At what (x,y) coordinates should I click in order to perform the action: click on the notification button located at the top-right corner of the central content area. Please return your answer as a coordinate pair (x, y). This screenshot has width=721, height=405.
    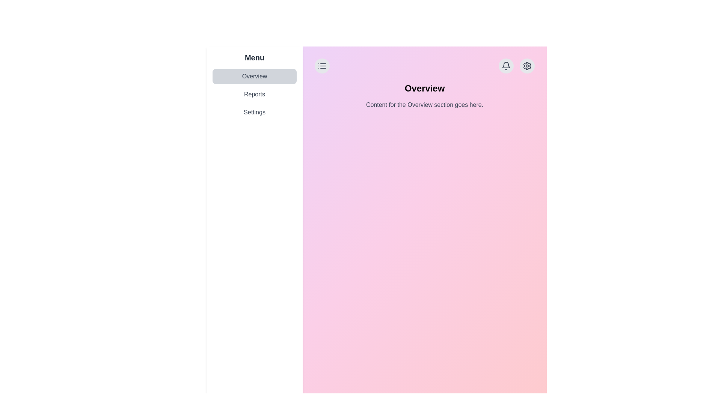
    Looking at the image, I should click on (506, 66).